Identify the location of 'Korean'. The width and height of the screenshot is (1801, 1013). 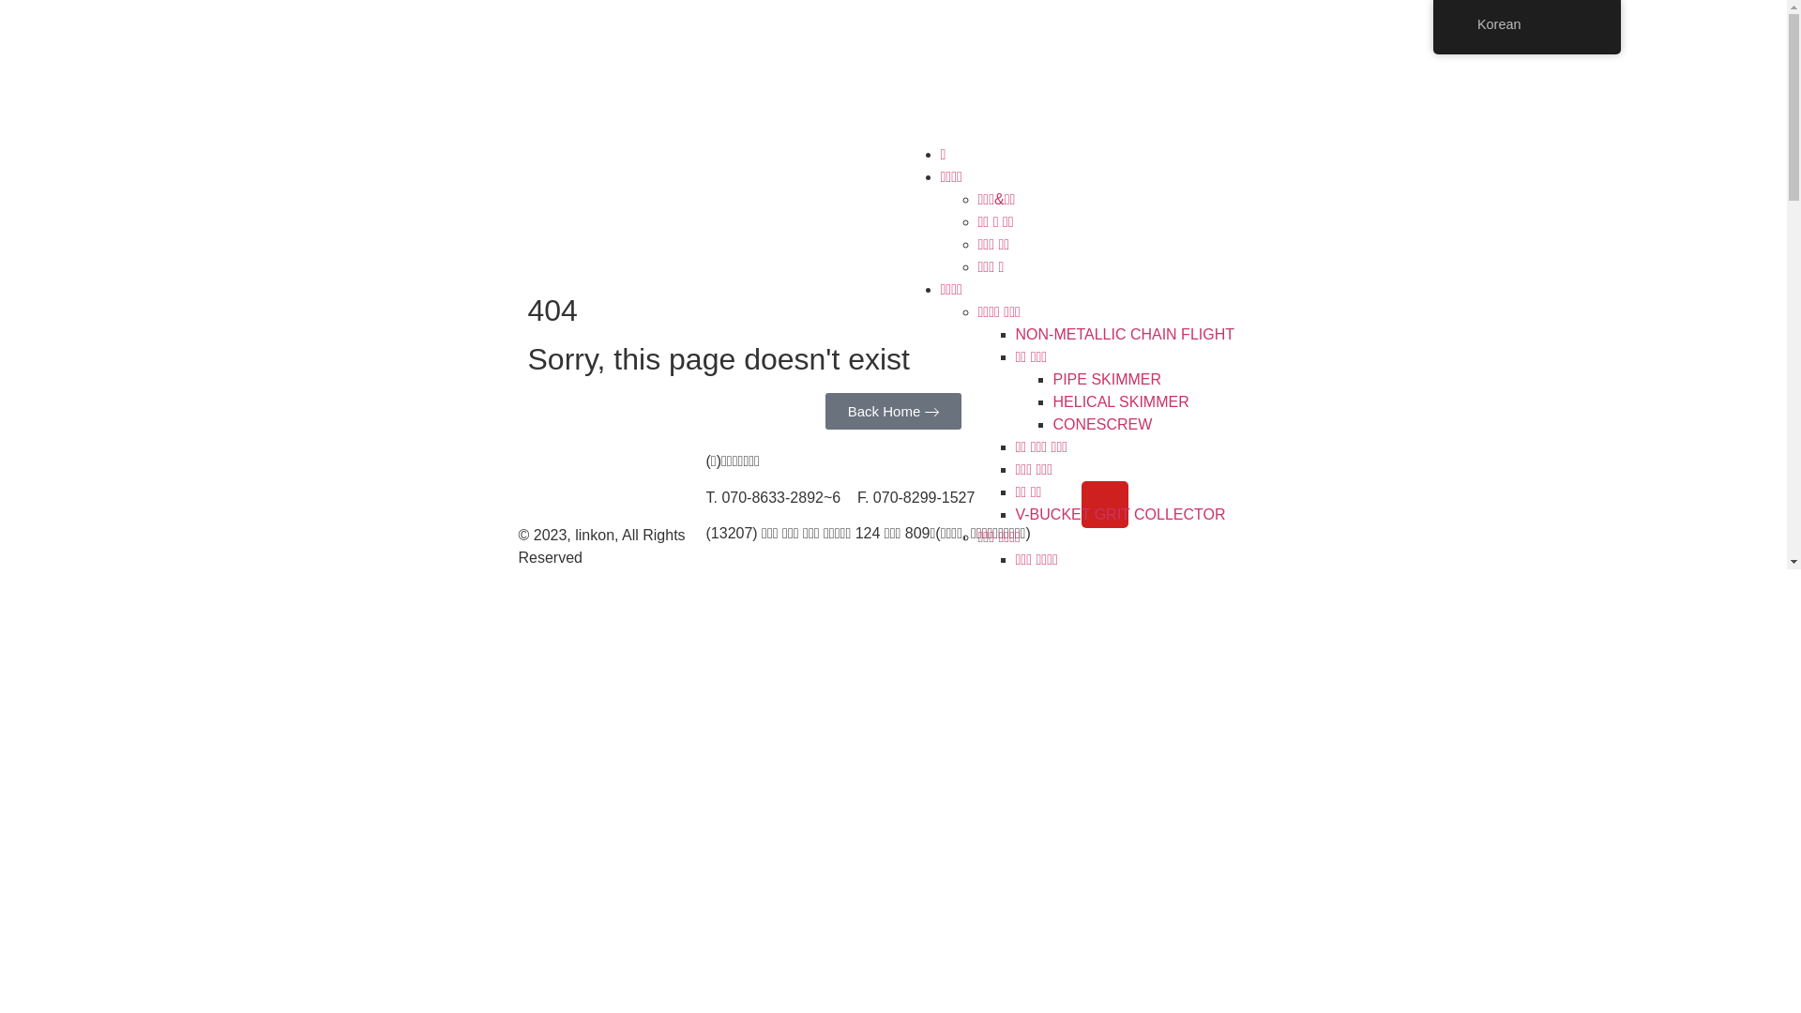
(1526, 27).